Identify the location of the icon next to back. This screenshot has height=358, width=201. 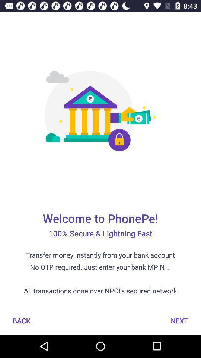
(179, 320).